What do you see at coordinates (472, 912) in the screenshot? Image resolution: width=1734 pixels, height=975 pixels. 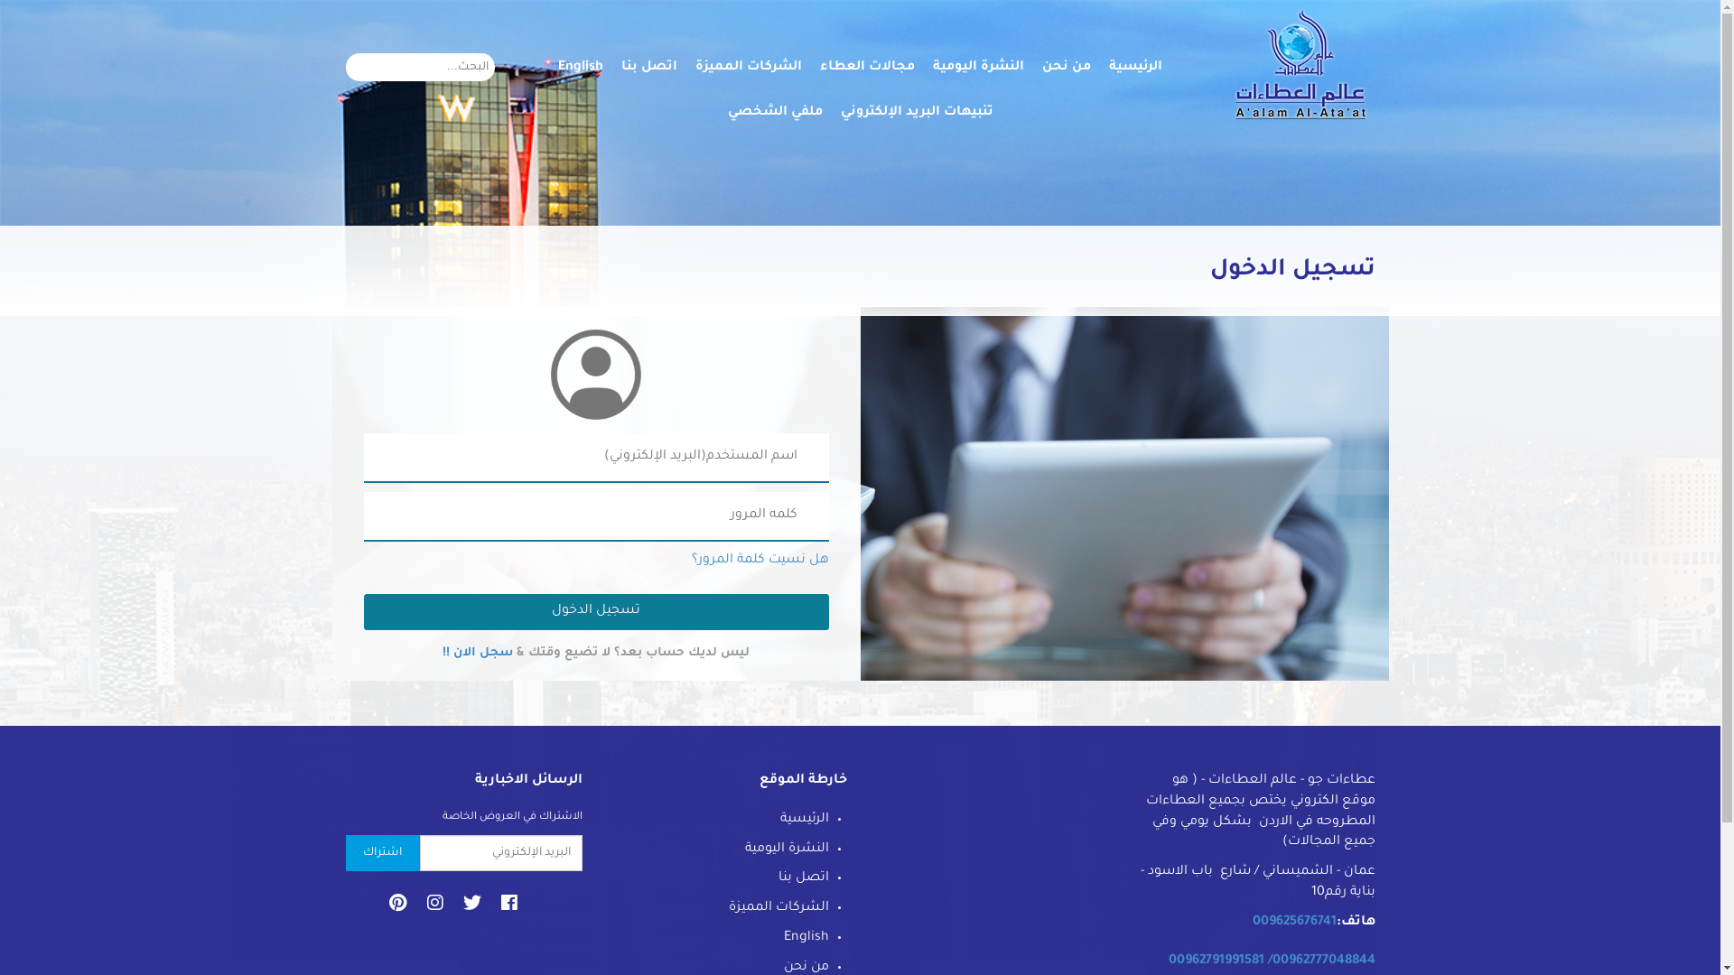 I see `'Twitter'` at bounding box center [472, 912].